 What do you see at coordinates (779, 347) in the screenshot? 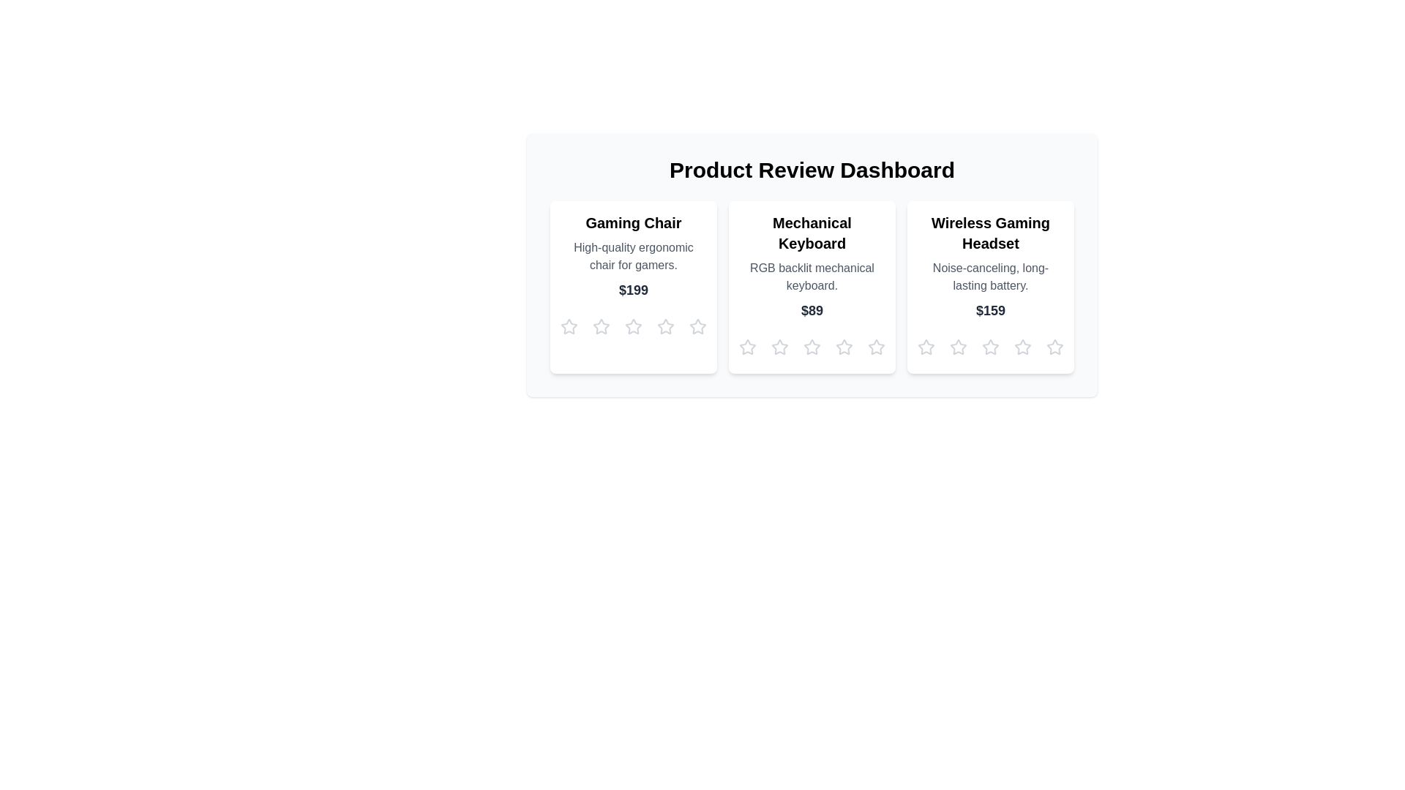
I see `the star corresponding to 2 for the product Mechanical Keyboard` at bounding box center [779, 347].